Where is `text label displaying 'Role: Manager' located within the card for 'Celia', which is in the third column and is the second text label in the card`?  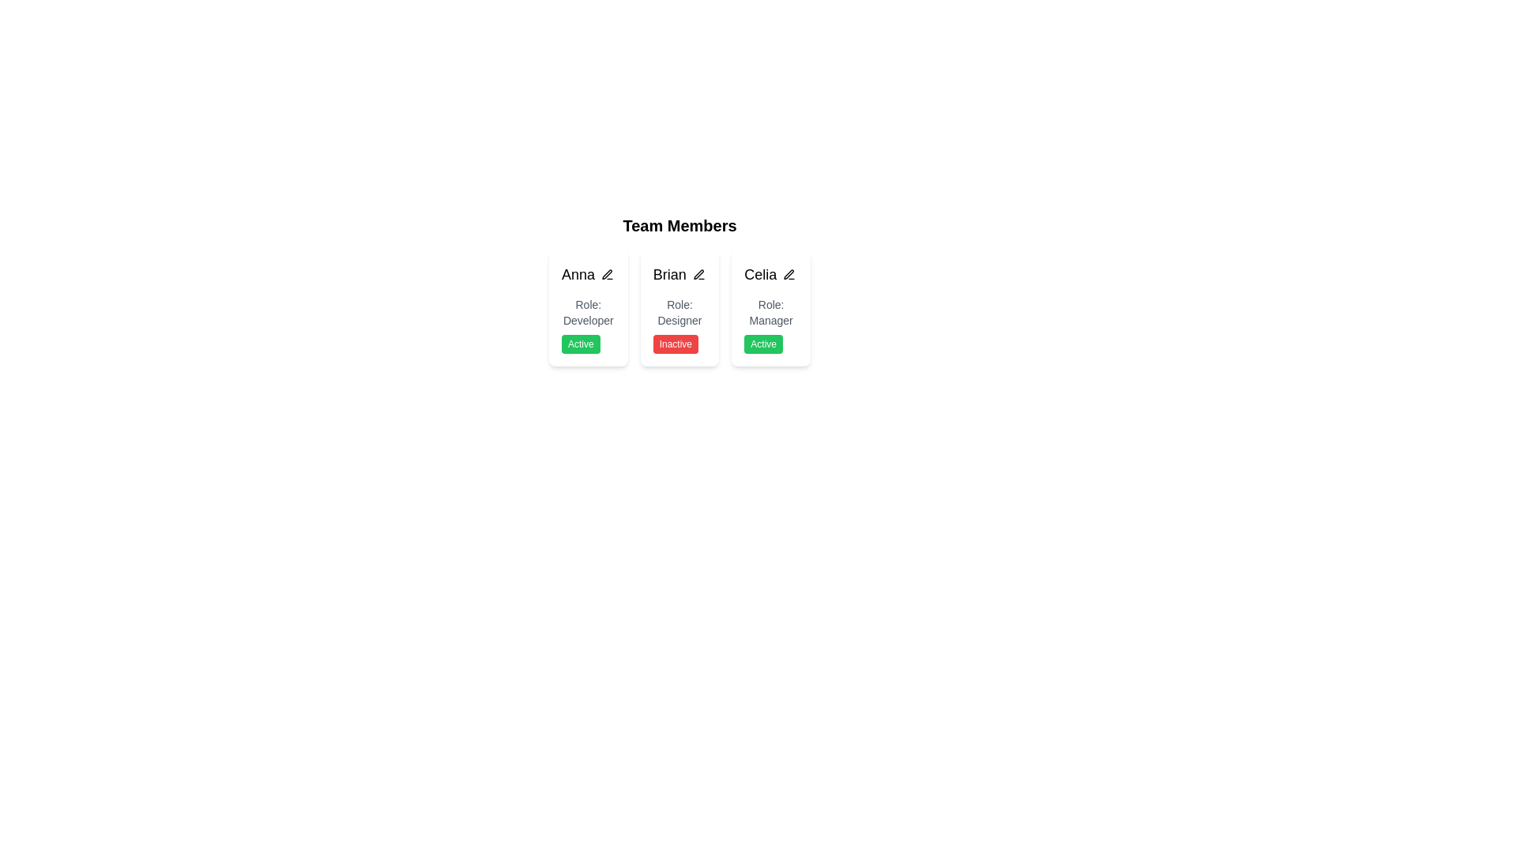
text label displaying 'Role: Manager' located within the card for 'Celia', which is in the third column and is the second text label in the card is located at coordinates (771, 313).